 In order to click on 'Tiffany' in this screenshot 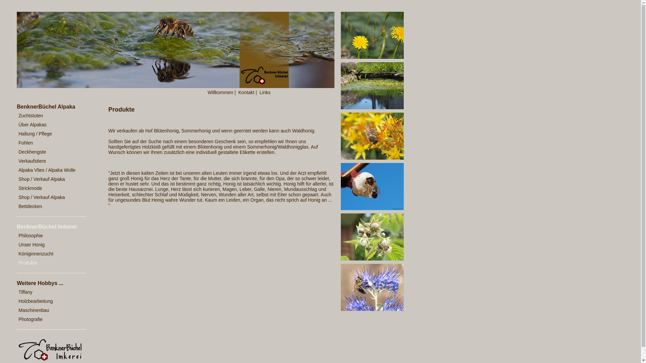, I will do `click(16, 292)`.